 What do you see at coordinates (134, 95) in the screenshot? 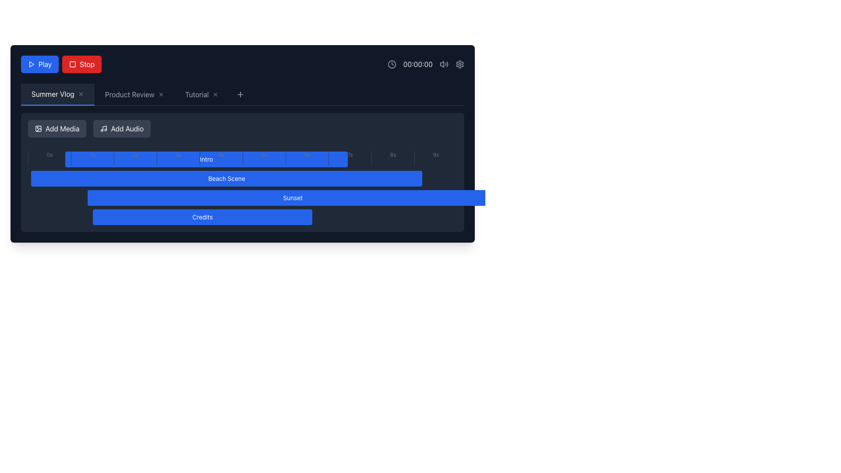
I see `the 'Product Review' tab in the horizontal tab navigation` at bounding box center [134, 95].